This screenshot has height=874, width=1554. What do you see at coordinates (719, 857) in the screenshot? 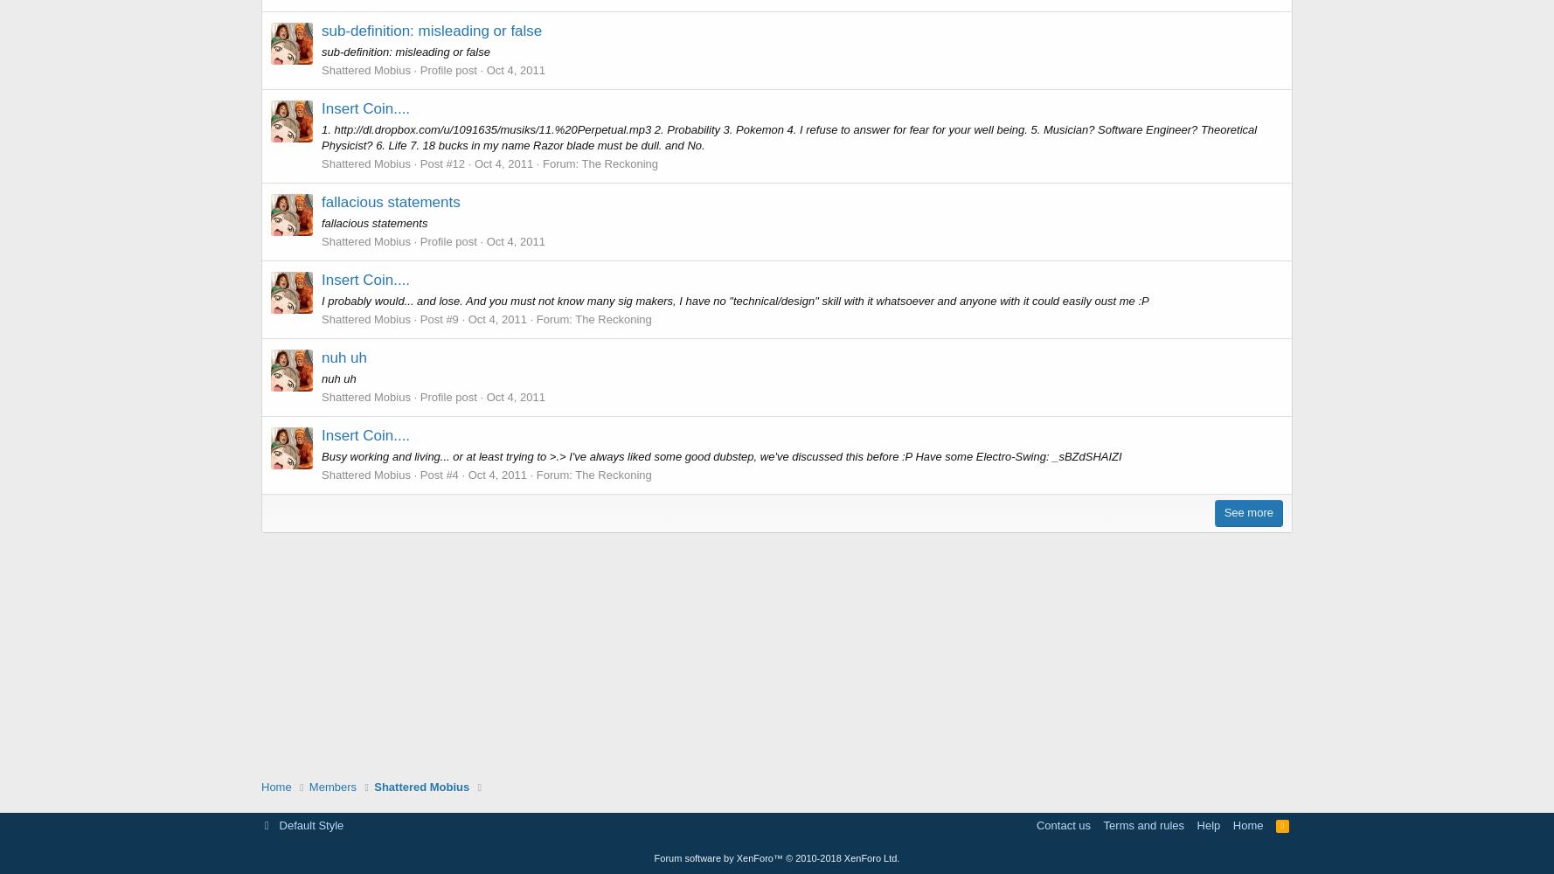
I see `'Forum software by XenForo™'` at bounding box center [719, 857].